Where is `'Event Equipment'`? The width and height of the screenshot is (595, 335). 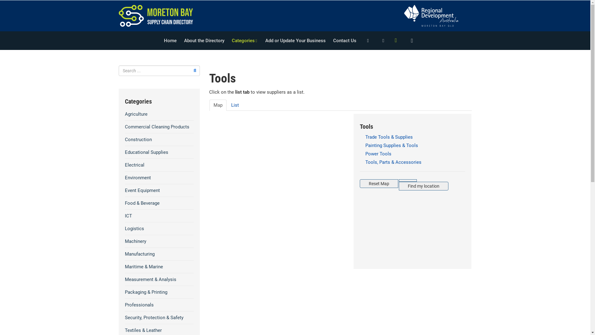
'Event Equipment' is located at coordinates (159, 190).